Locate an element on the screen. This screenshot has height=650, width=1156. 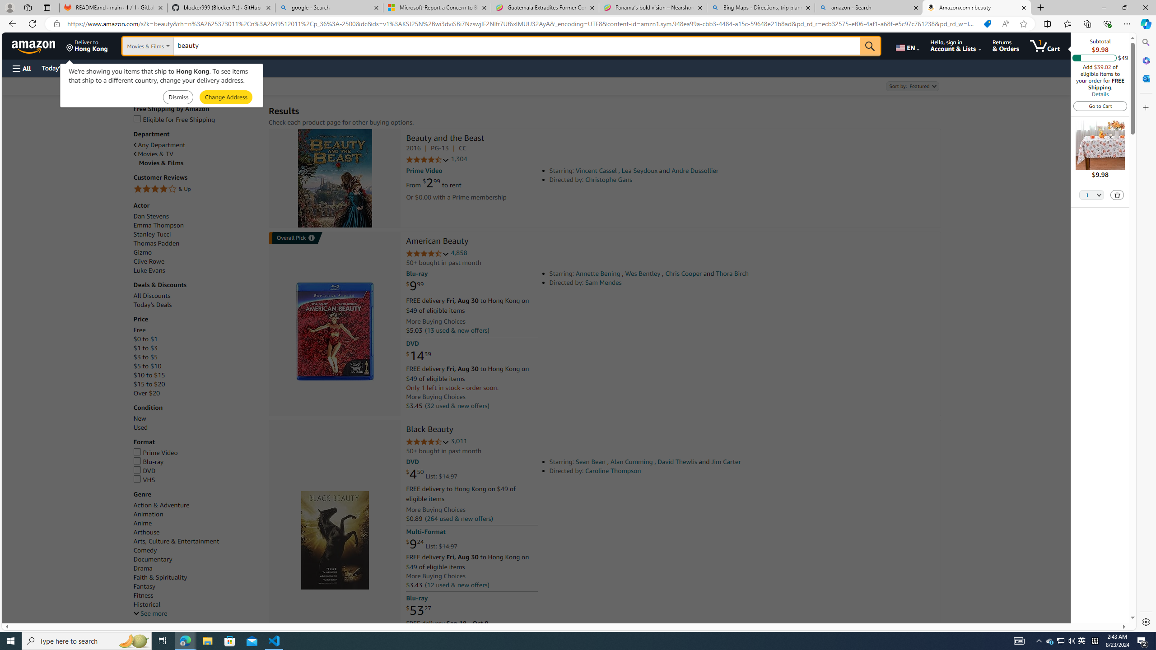
'Drama' is located at coordinates (196, 569).